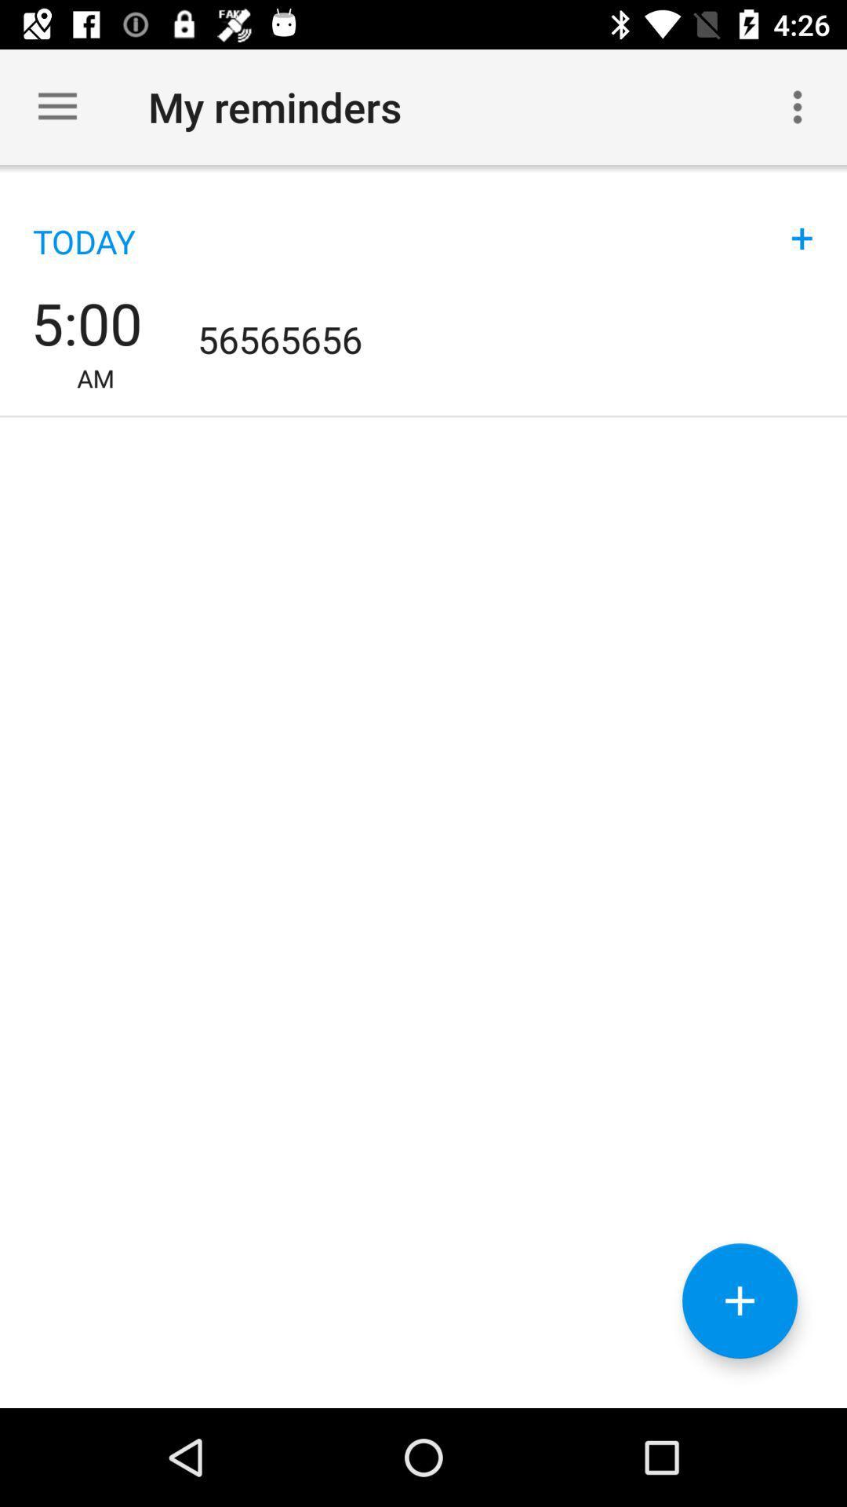  I want to click on a reminder, so click(740, 1301).